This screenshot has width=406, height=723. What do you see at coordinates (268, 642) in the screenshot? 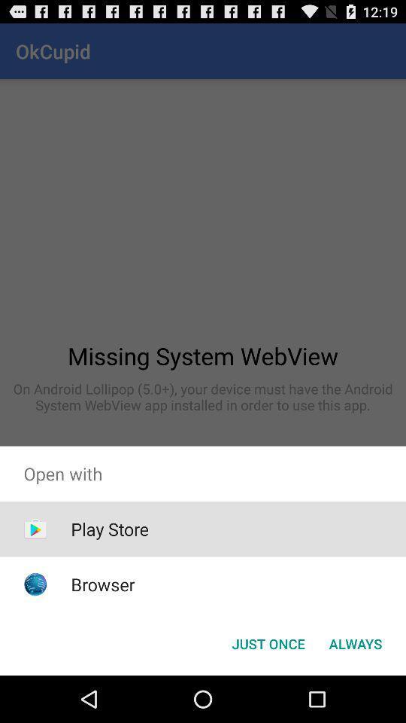
I see `button next to the always icon` at bounding box center [268, 642].